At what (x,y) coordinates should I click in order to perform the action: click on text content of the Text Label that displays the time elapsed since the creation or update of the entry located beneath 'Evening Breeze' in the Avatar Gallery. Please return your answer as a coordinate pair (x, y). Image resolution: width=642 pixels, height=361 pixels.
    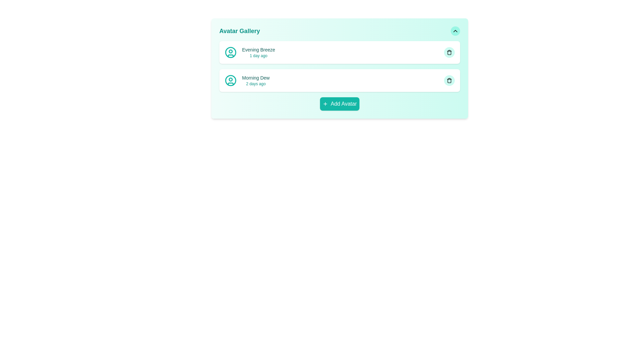
    Looking at the image, I should click on (258, 55).